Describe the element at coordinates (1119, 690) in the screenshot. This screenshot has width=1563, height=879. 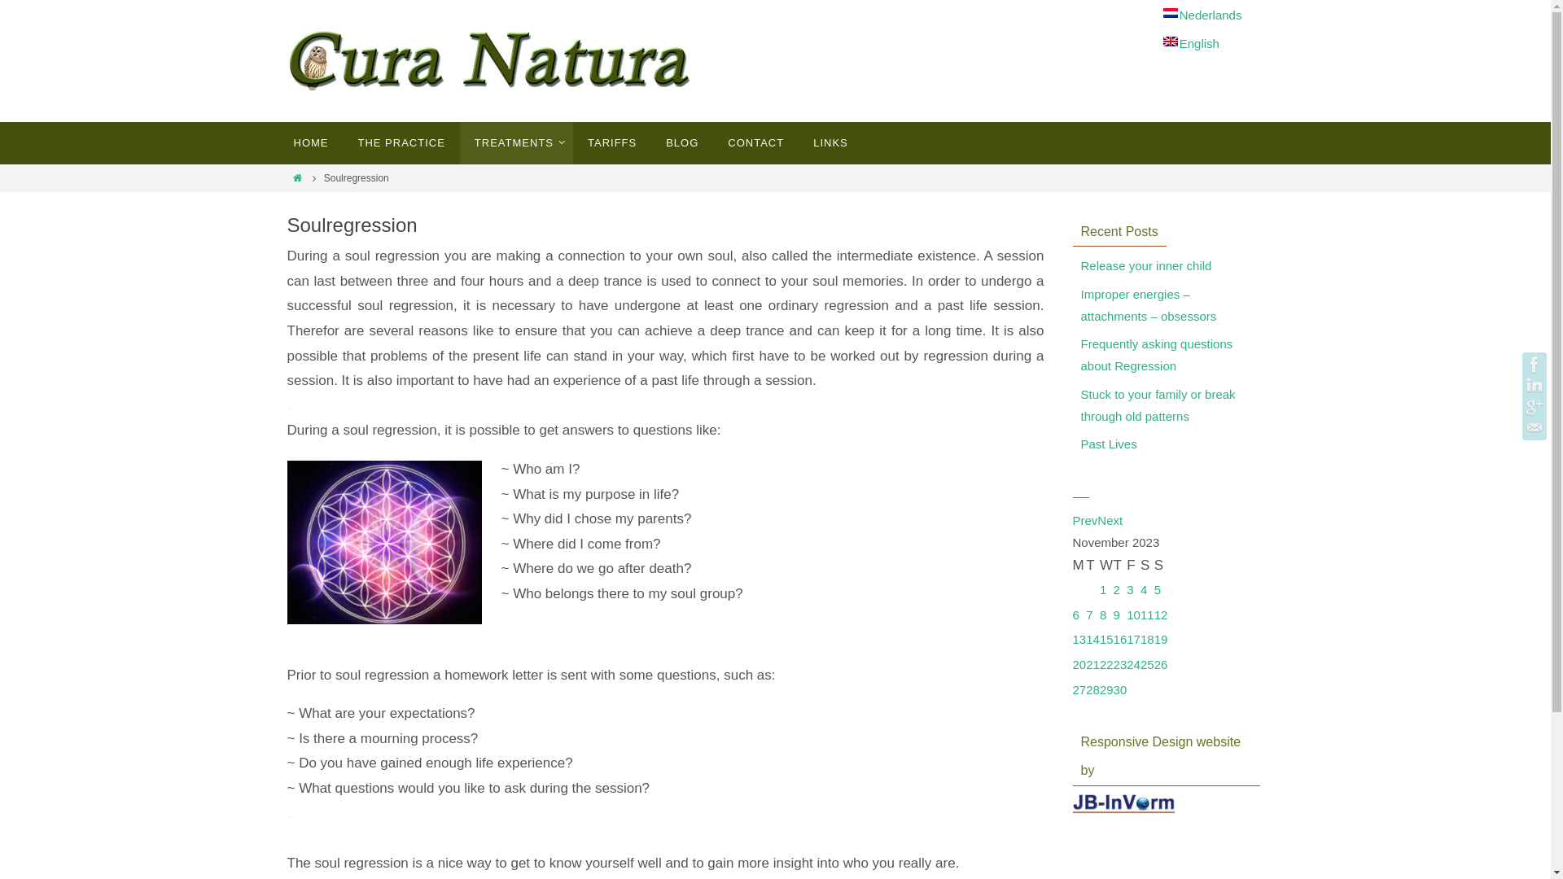
I see `'30'` at that location.